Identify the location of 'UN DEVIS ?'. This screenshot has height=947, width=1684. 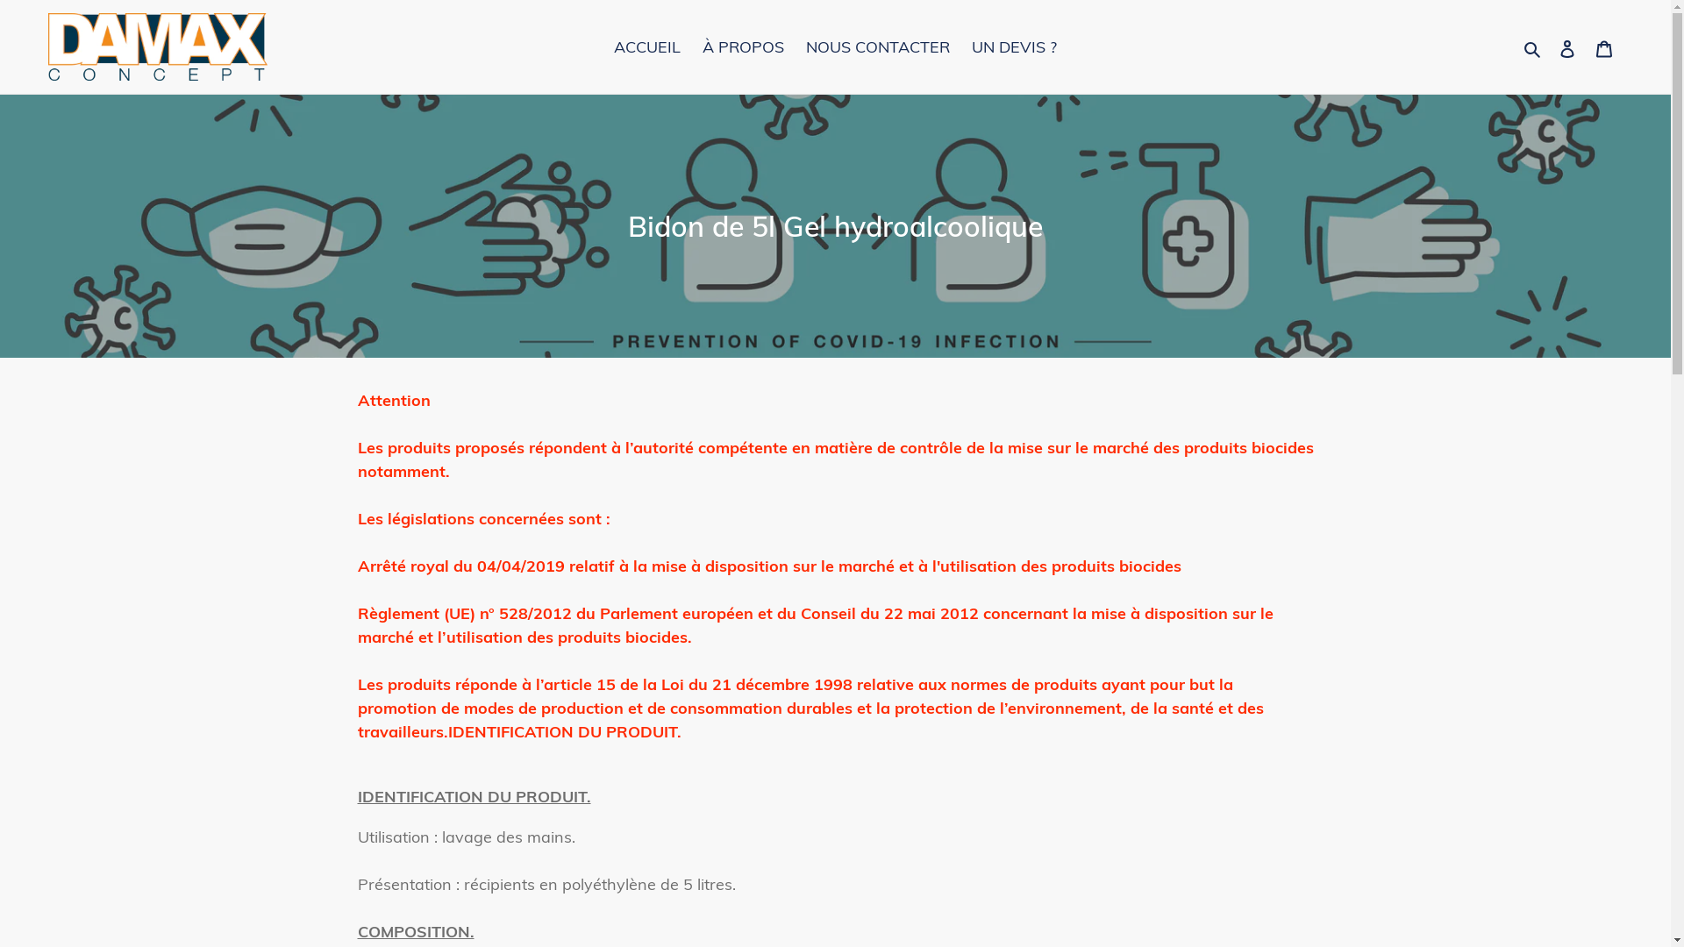
(1014, 46).